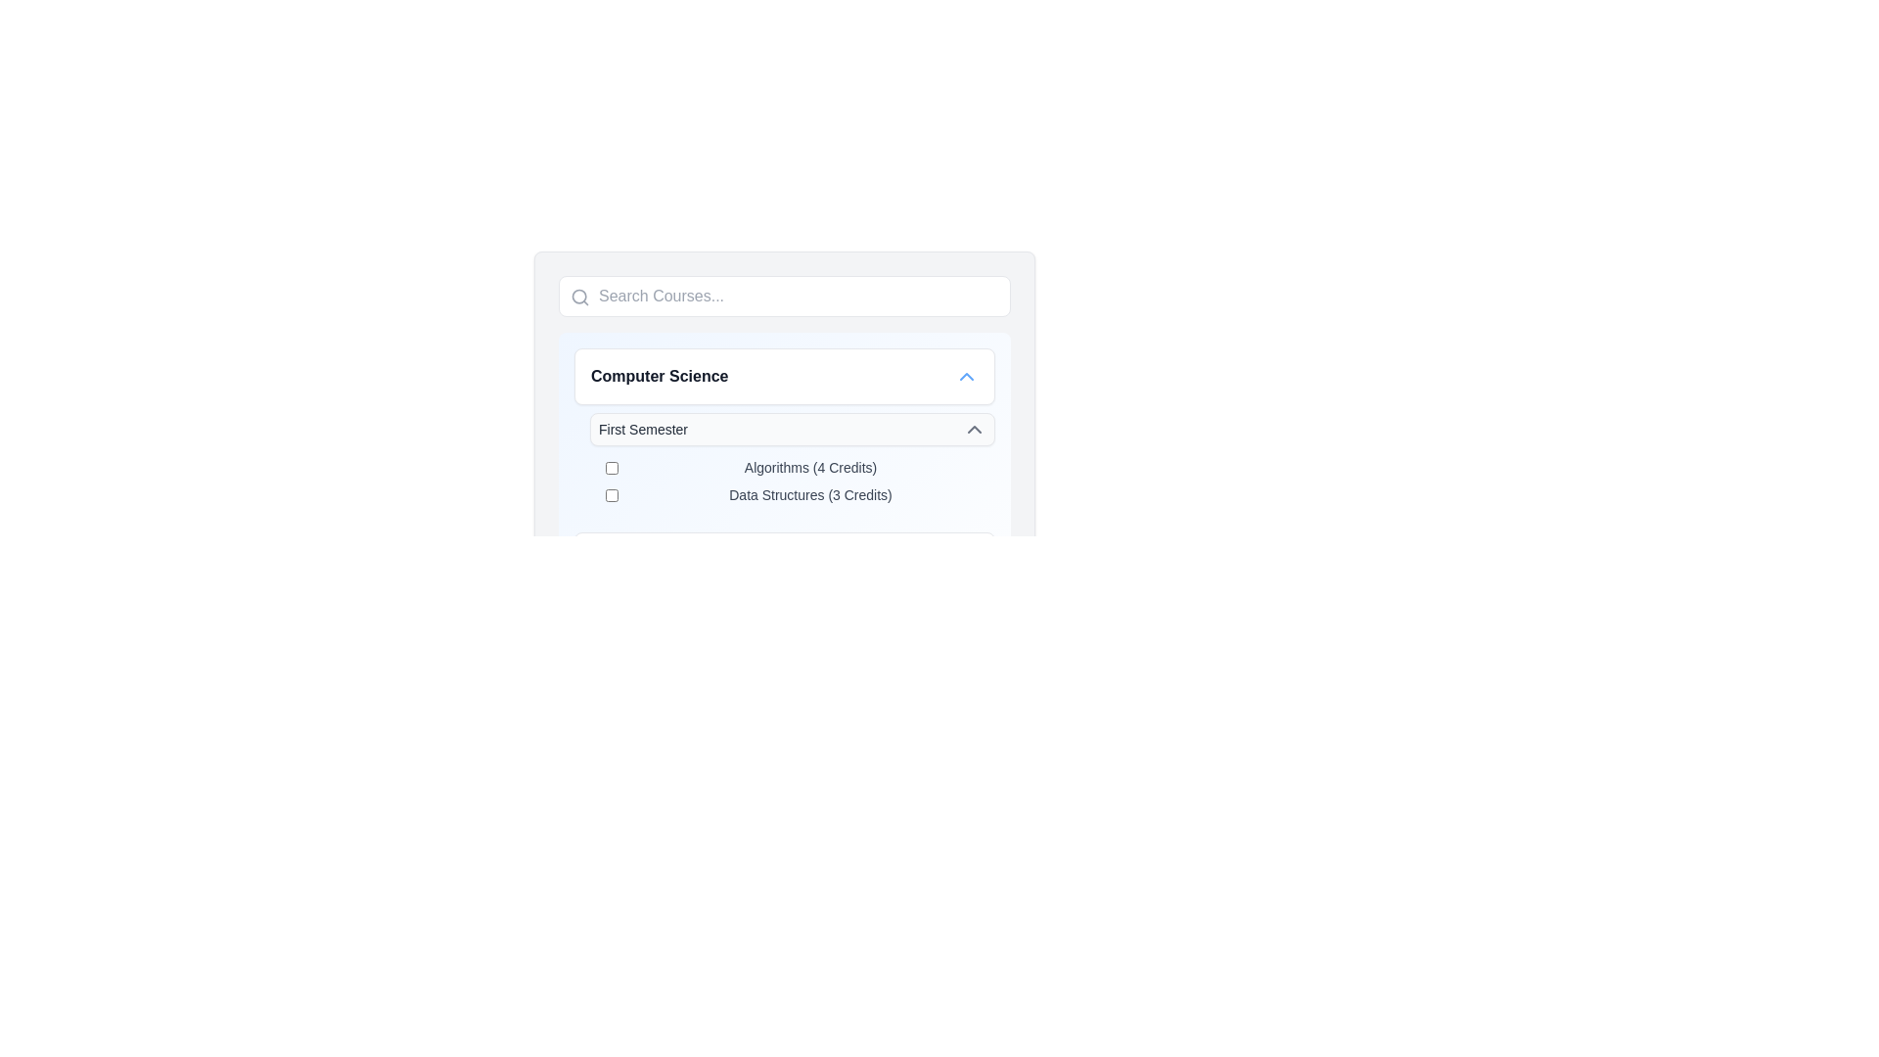 Image resolution: width=1879 pixels, height=1057 pixels. What do you see at coordinates (579, 298) in the screenshot?
I see `the magnifying glass icon, which symbolizes the search operation and is located on the left side of the input field labeled 'Search Courses...'` at bounding box center [579, 298].